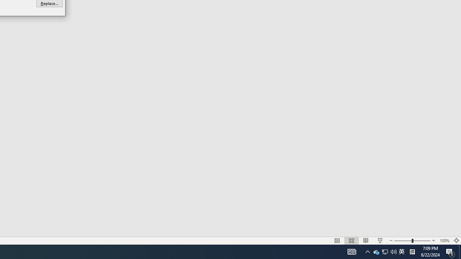  Describe the element at coordinates (444, 241) in the screenshot. I see `'Zoom 100%'` at that location.